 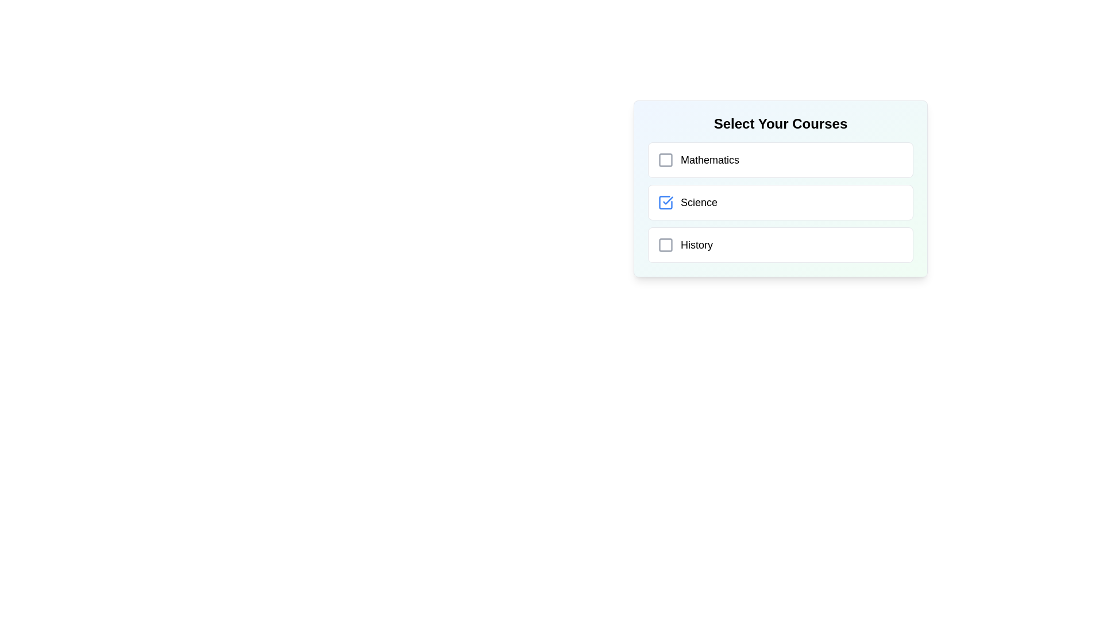 What do you see at coordinates (665, 202) in the screenshot?
I see `the checkbox representing the 'Science' course selection` at bounding box center [665, 202].